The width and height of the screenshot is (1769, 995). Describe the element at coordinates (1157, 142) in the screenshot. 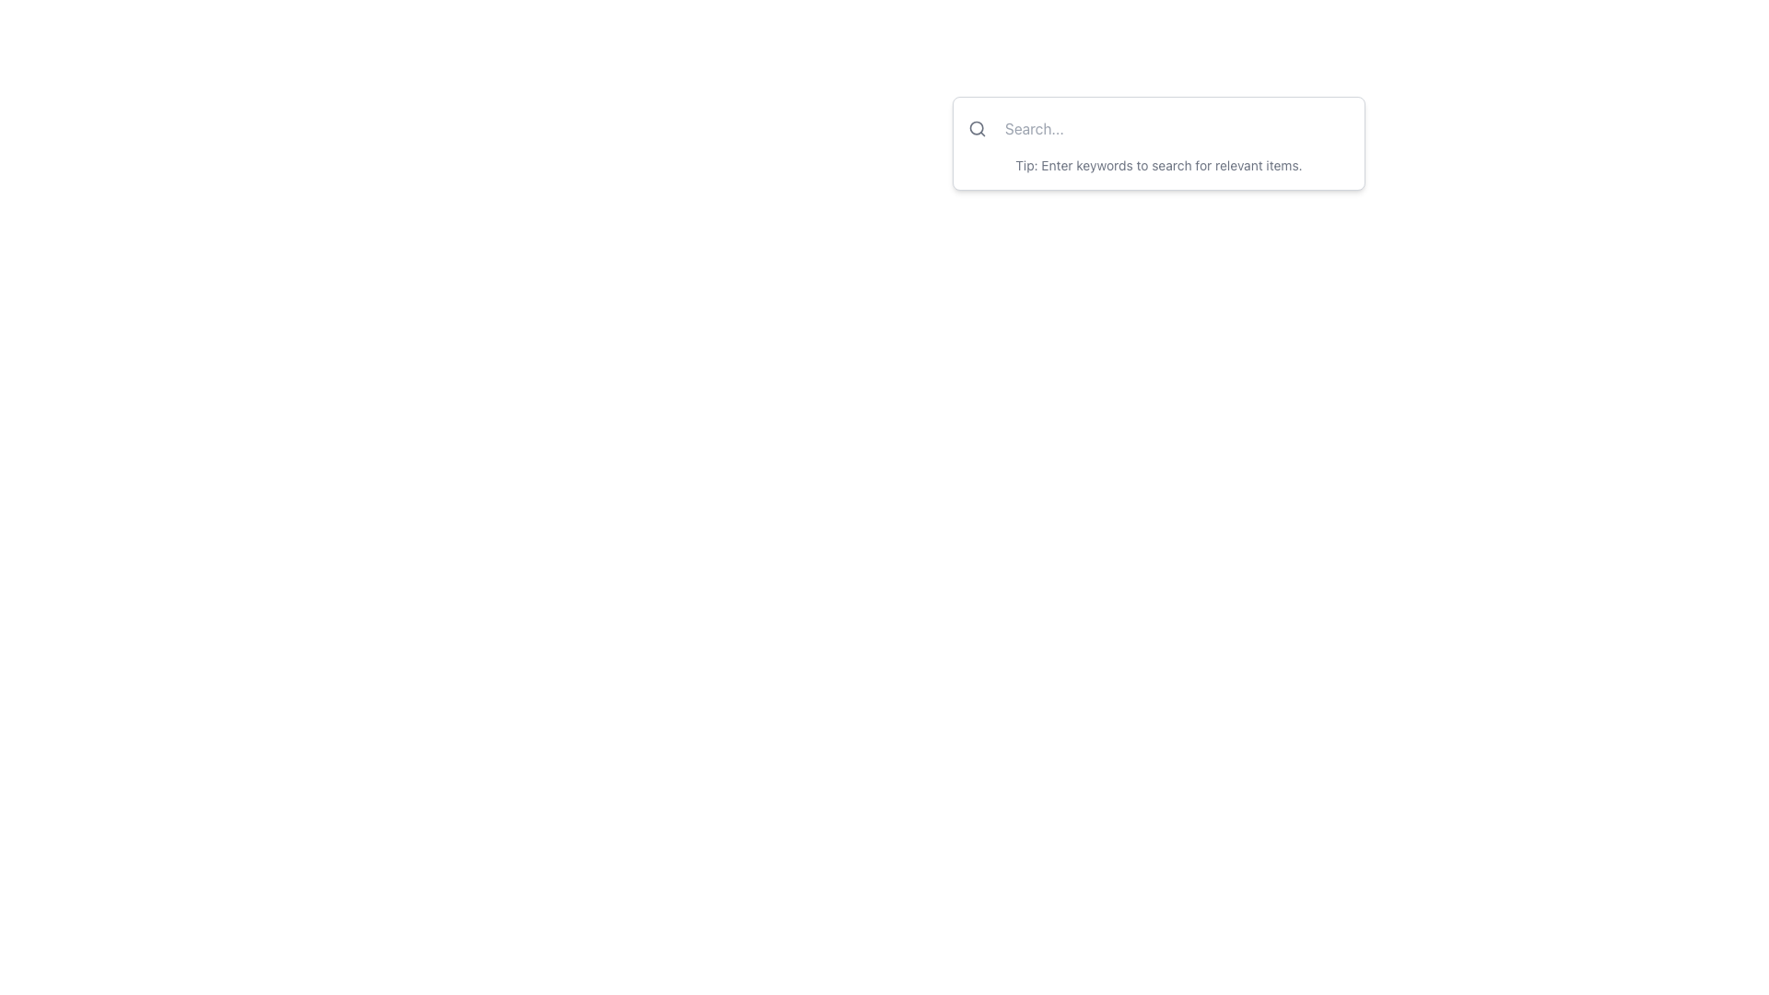

I see `the search input field to type keywords for searching relevant items` at that location.